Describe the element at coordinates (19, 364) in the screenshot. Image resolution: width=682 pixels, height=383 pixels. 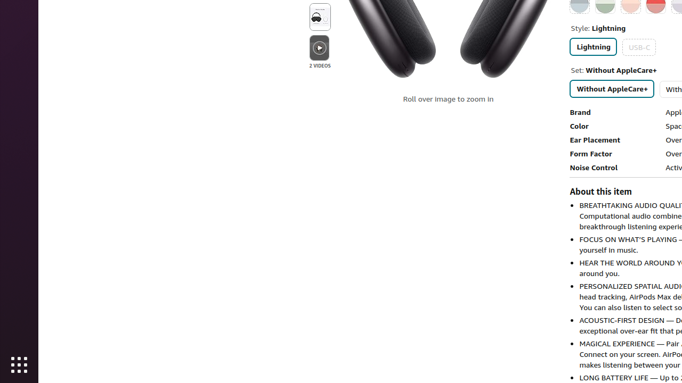
I see `'Show Applications'` at that location.